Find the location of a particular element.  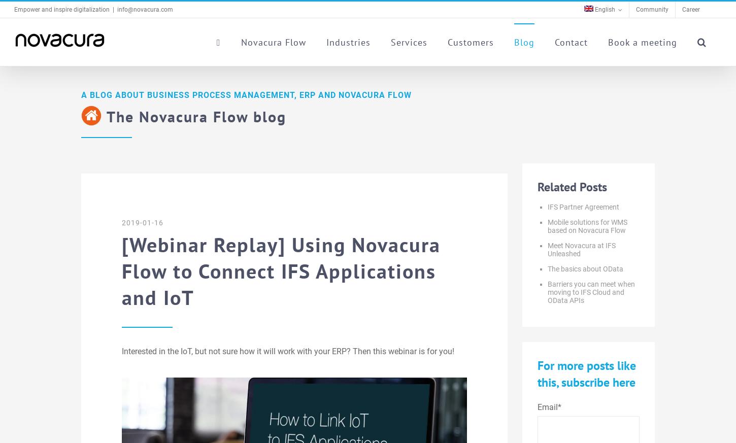

'Mobile solutions for WMS based on Novacura Flow' is located at coordinates (587, 225).